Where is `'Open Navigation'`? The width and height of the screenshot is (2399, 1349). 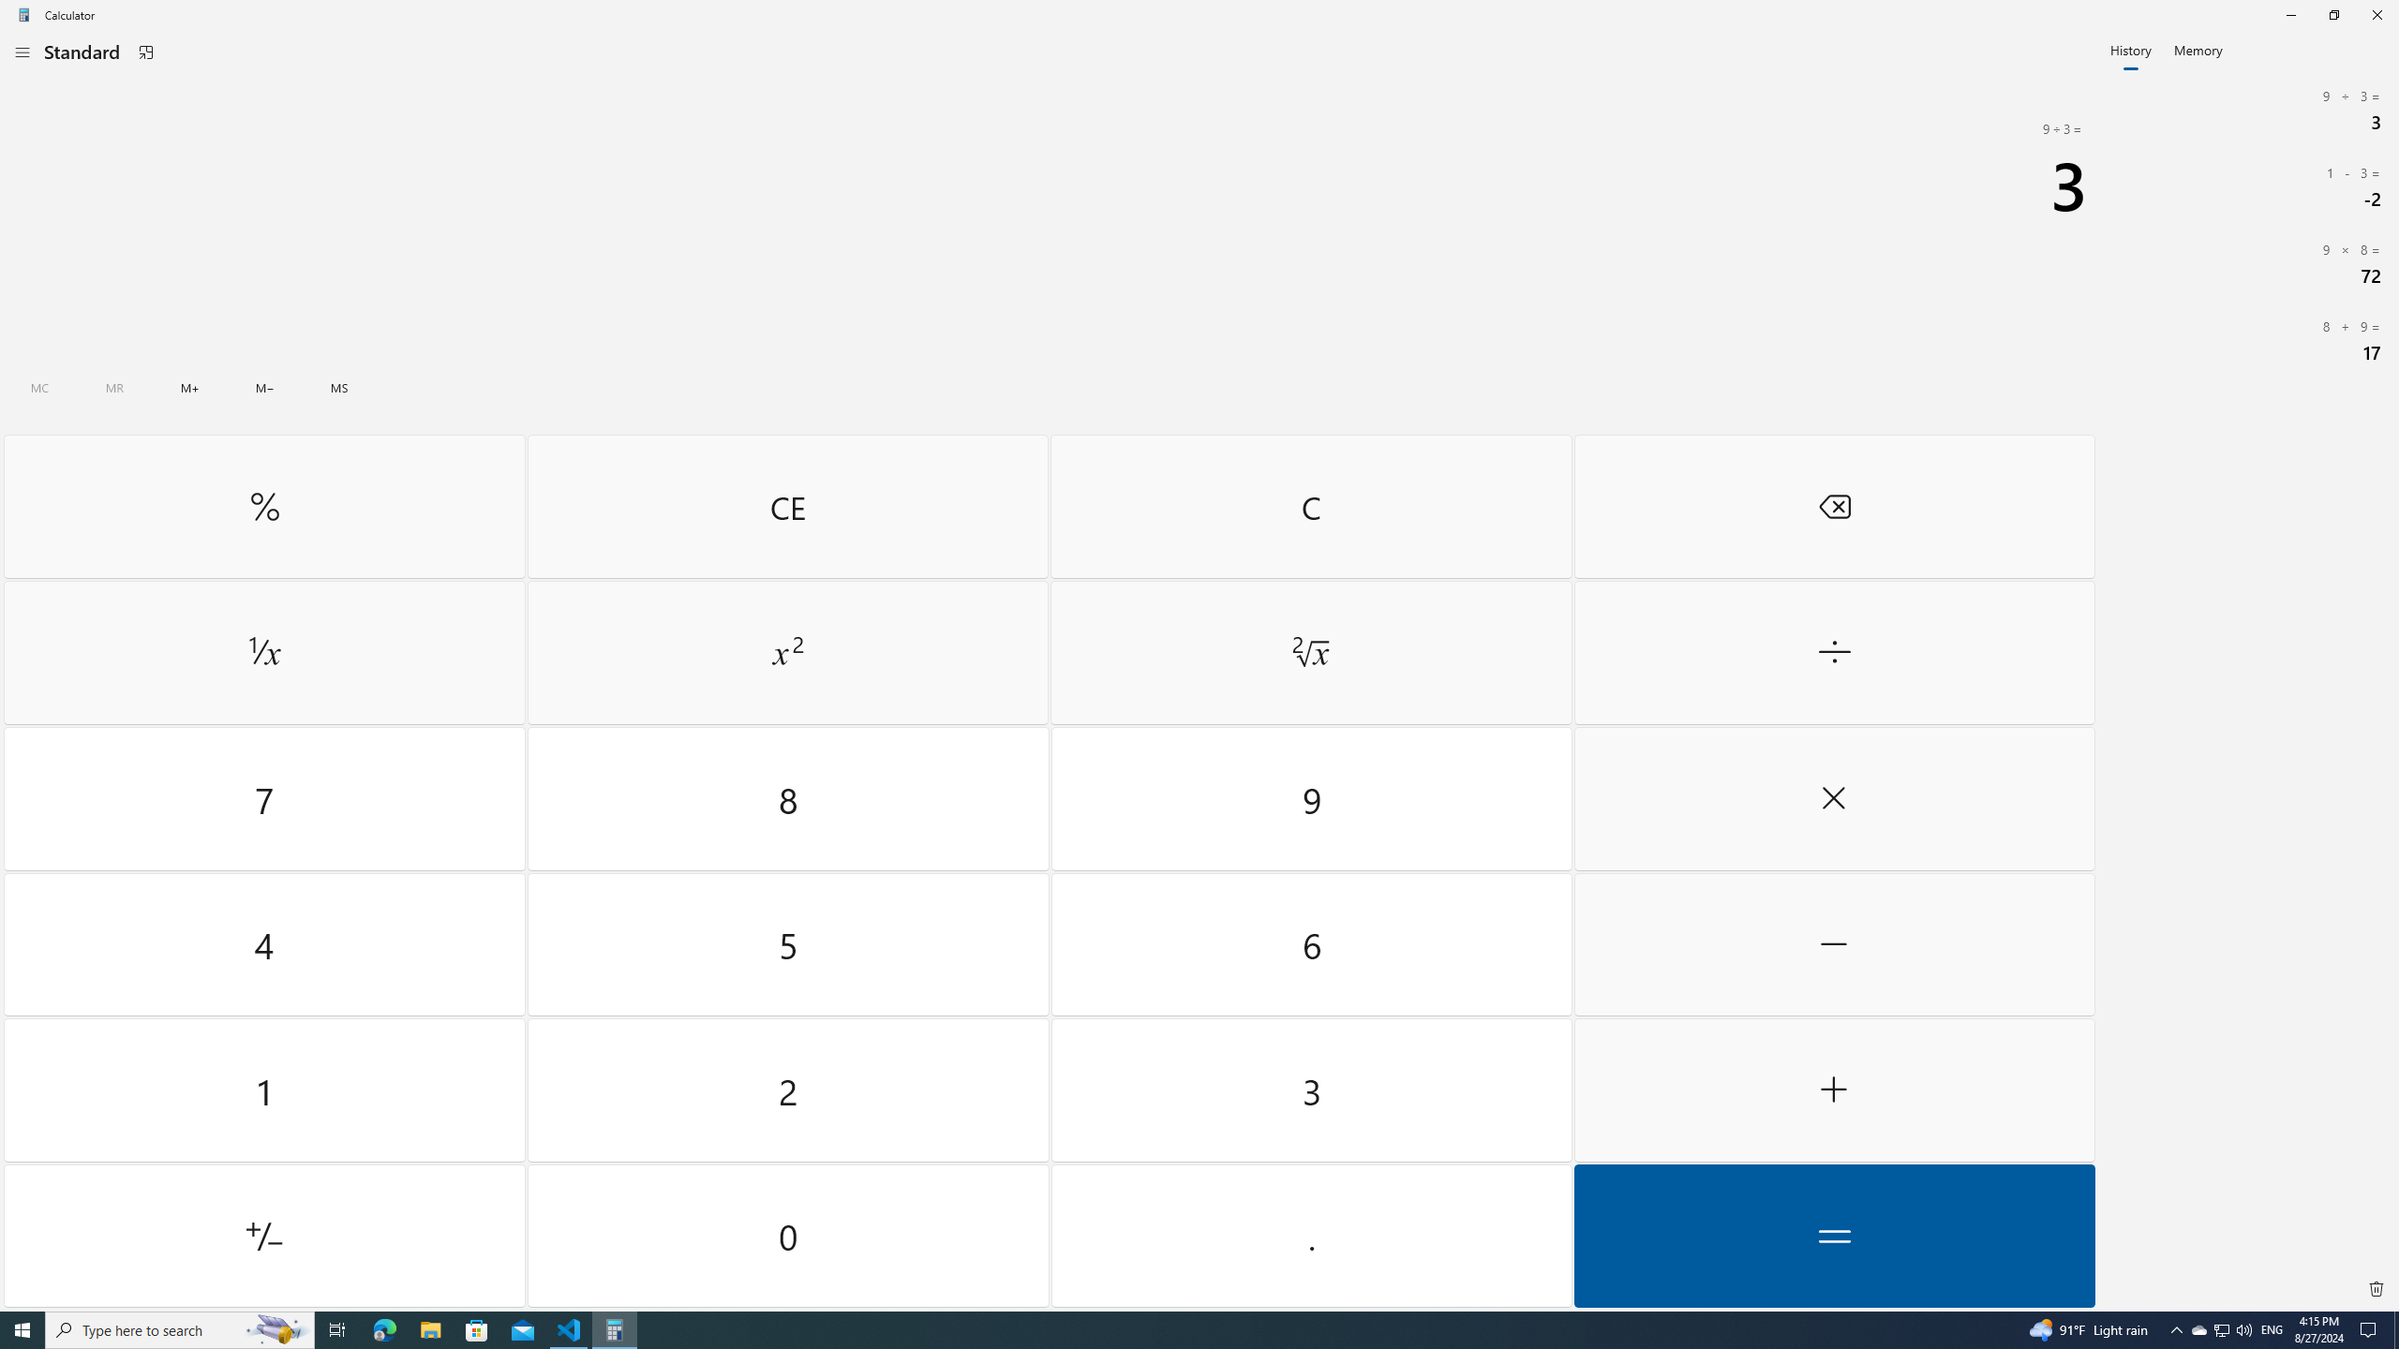 'Open Navigation' is located at coordinates (22, 51).